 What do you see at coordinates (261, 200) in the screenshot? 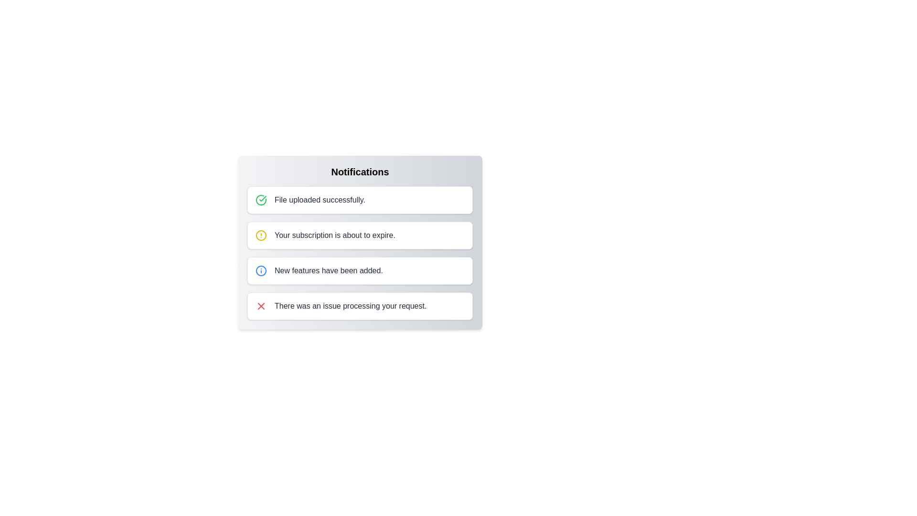
I see `the leftmost icon in the topmost notification card that indicates a successful file upload` at bounding box center [261, 200].